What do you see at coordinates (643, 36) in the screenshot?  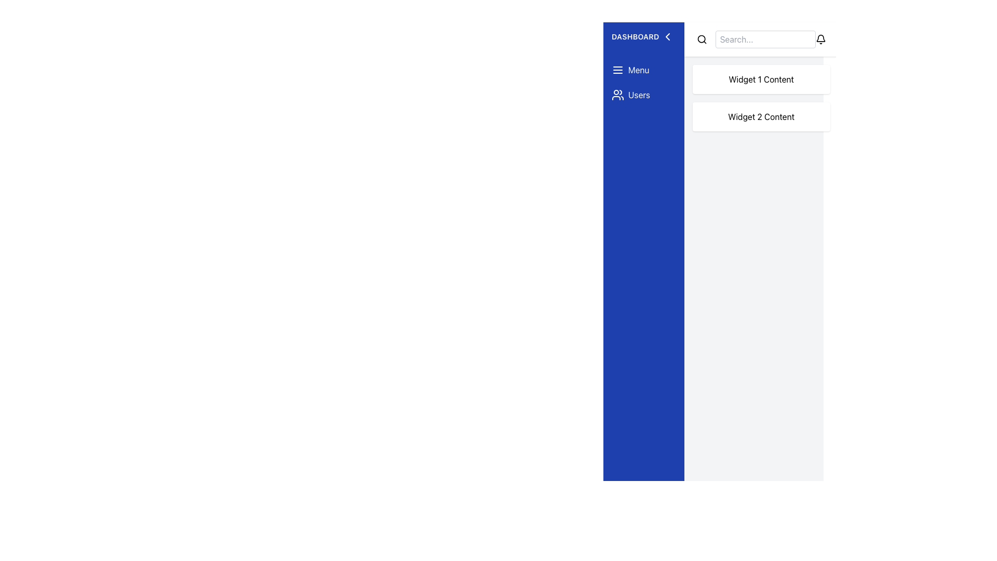 I see `the 'Dashboard' text block, which is styled with a blue background and white uppercase text, located at the topmost part of the sidebar` at bounding box center [643, 36].